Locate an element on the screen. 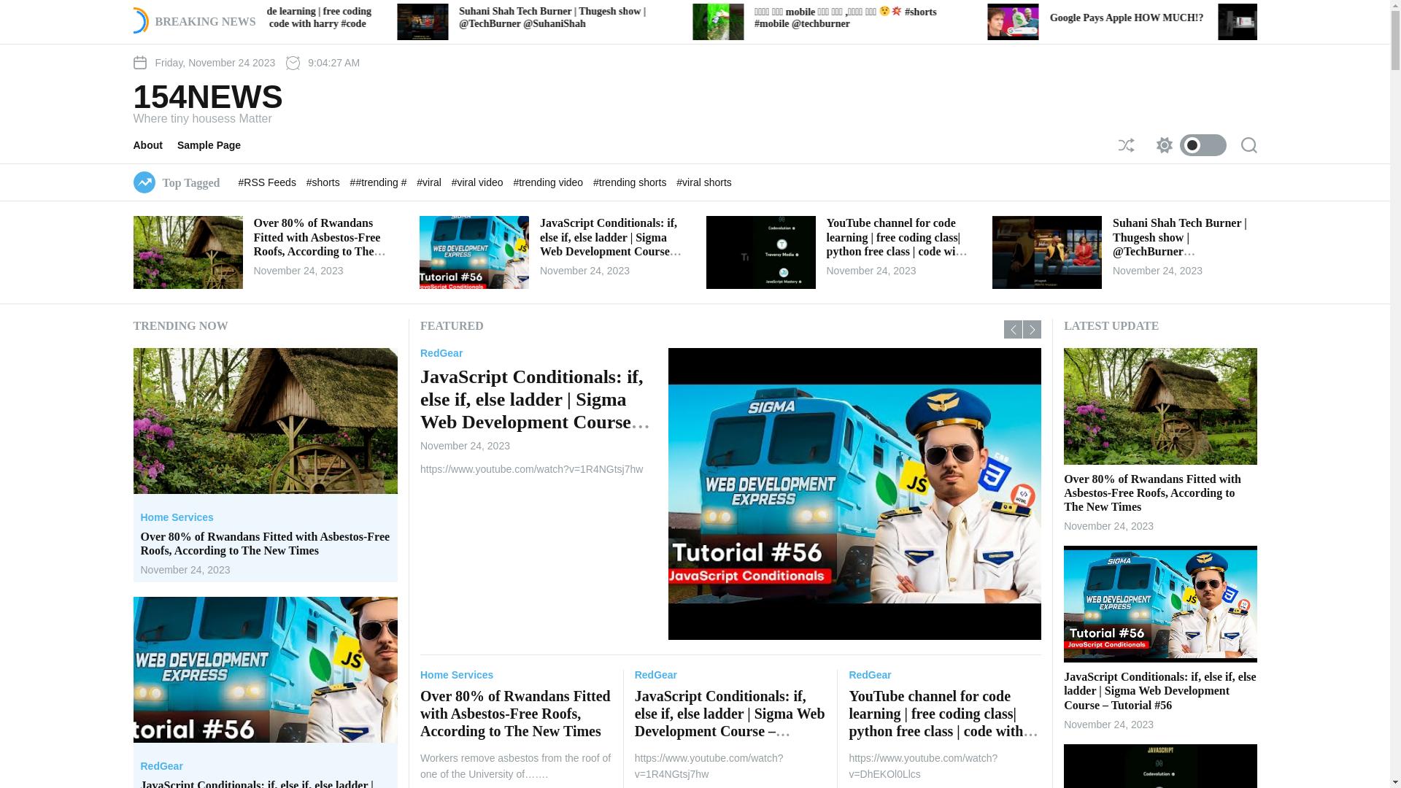 The height and width of the screenshot is (788, 1401). 'Home Services' is located at coordinates (175, 517).